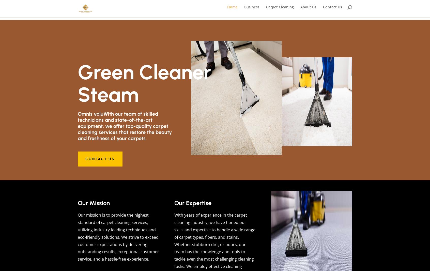 This screenshot has width=430, height=271. Describe the element at coordinates (192, 203) in the screenshot. I see `'Our Expertise'` at that location.